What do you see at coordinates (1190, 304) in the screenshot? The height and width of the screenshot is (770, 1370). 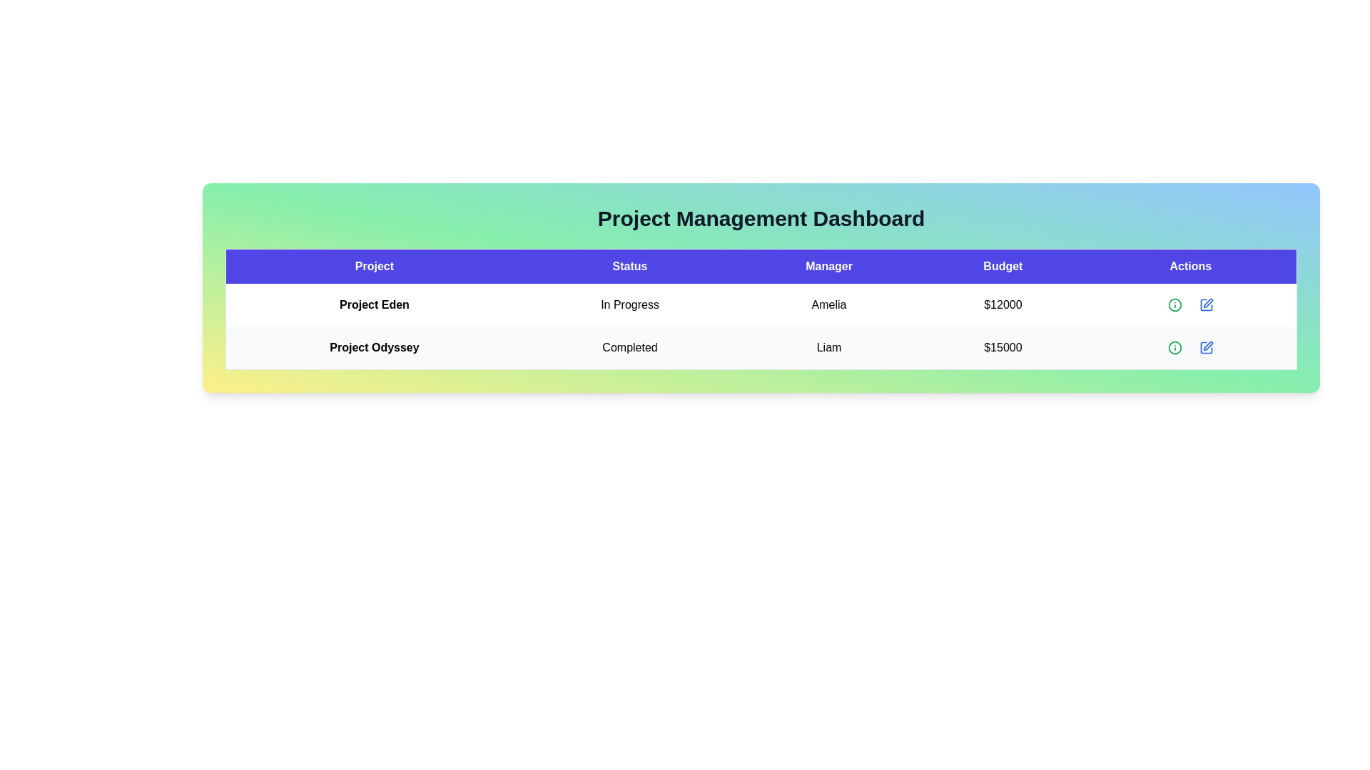 I see `the interactive action buttons in the 'Actions' column of the first row in the Project Management Dashboard, which is aligned with the entry for 'Project Eden'` at bounding box center [1190, 304].